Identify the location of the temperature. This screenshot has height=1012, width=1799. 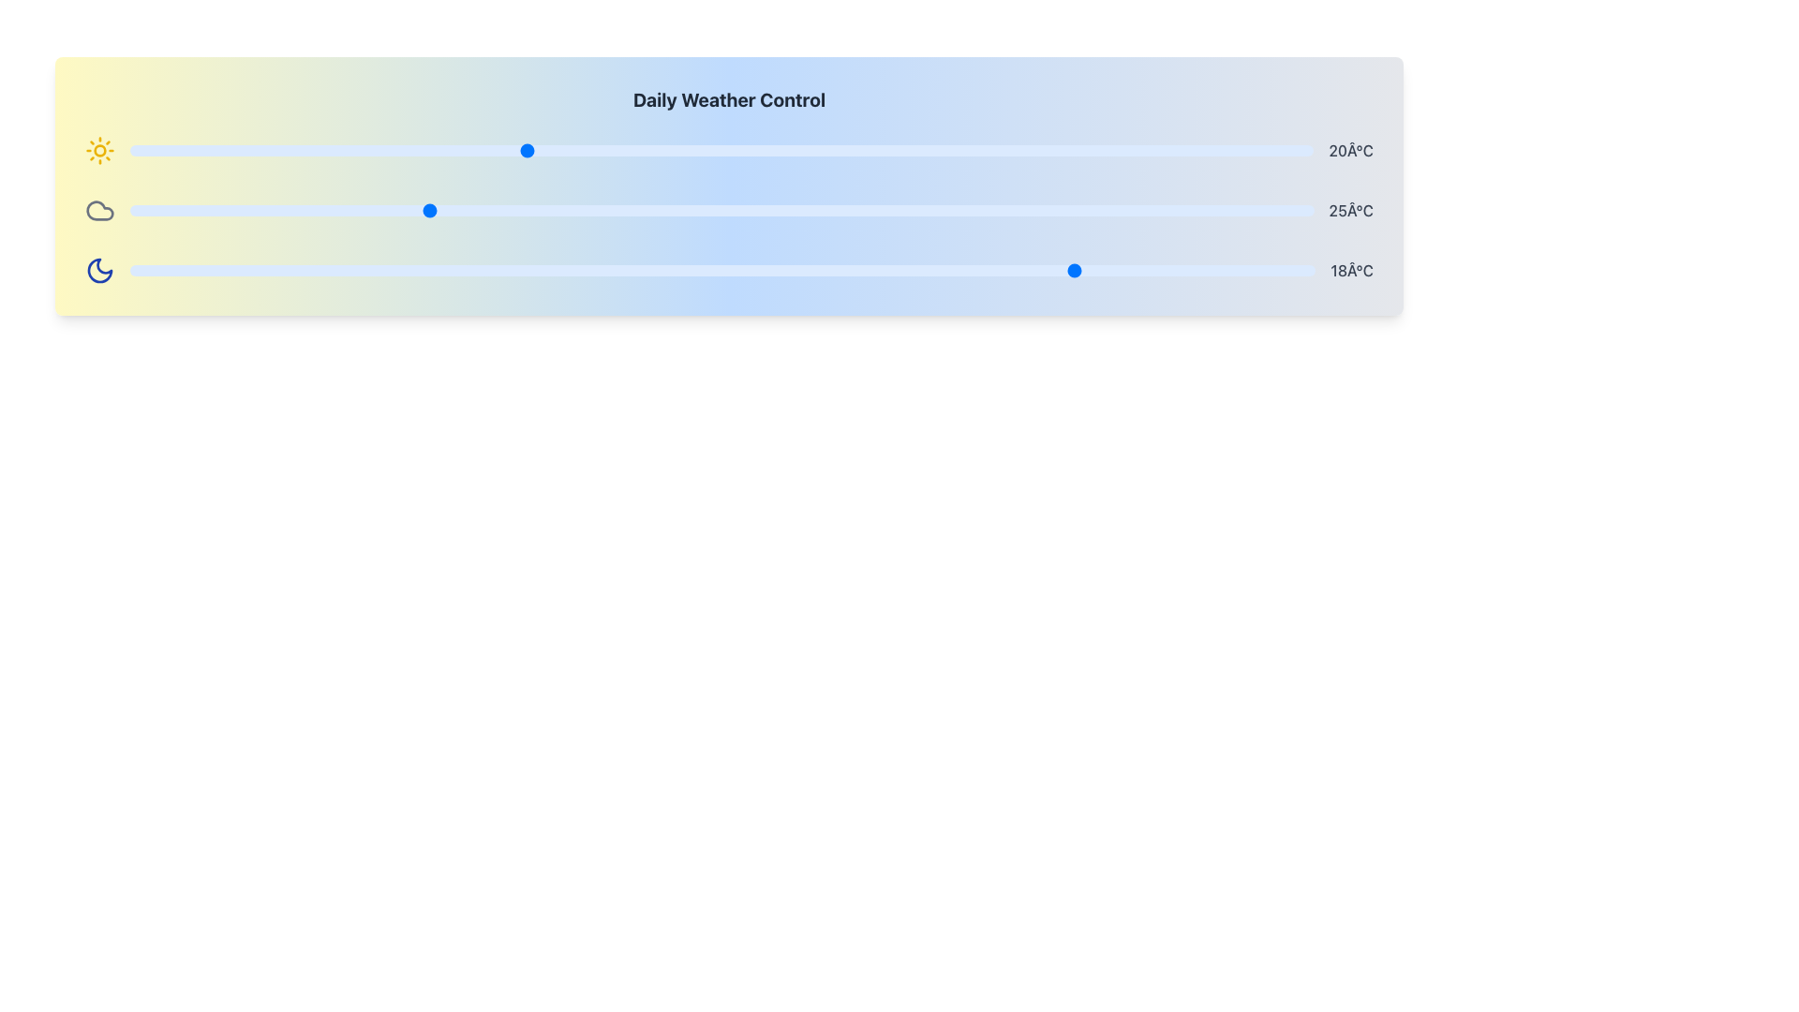
(366, 210).